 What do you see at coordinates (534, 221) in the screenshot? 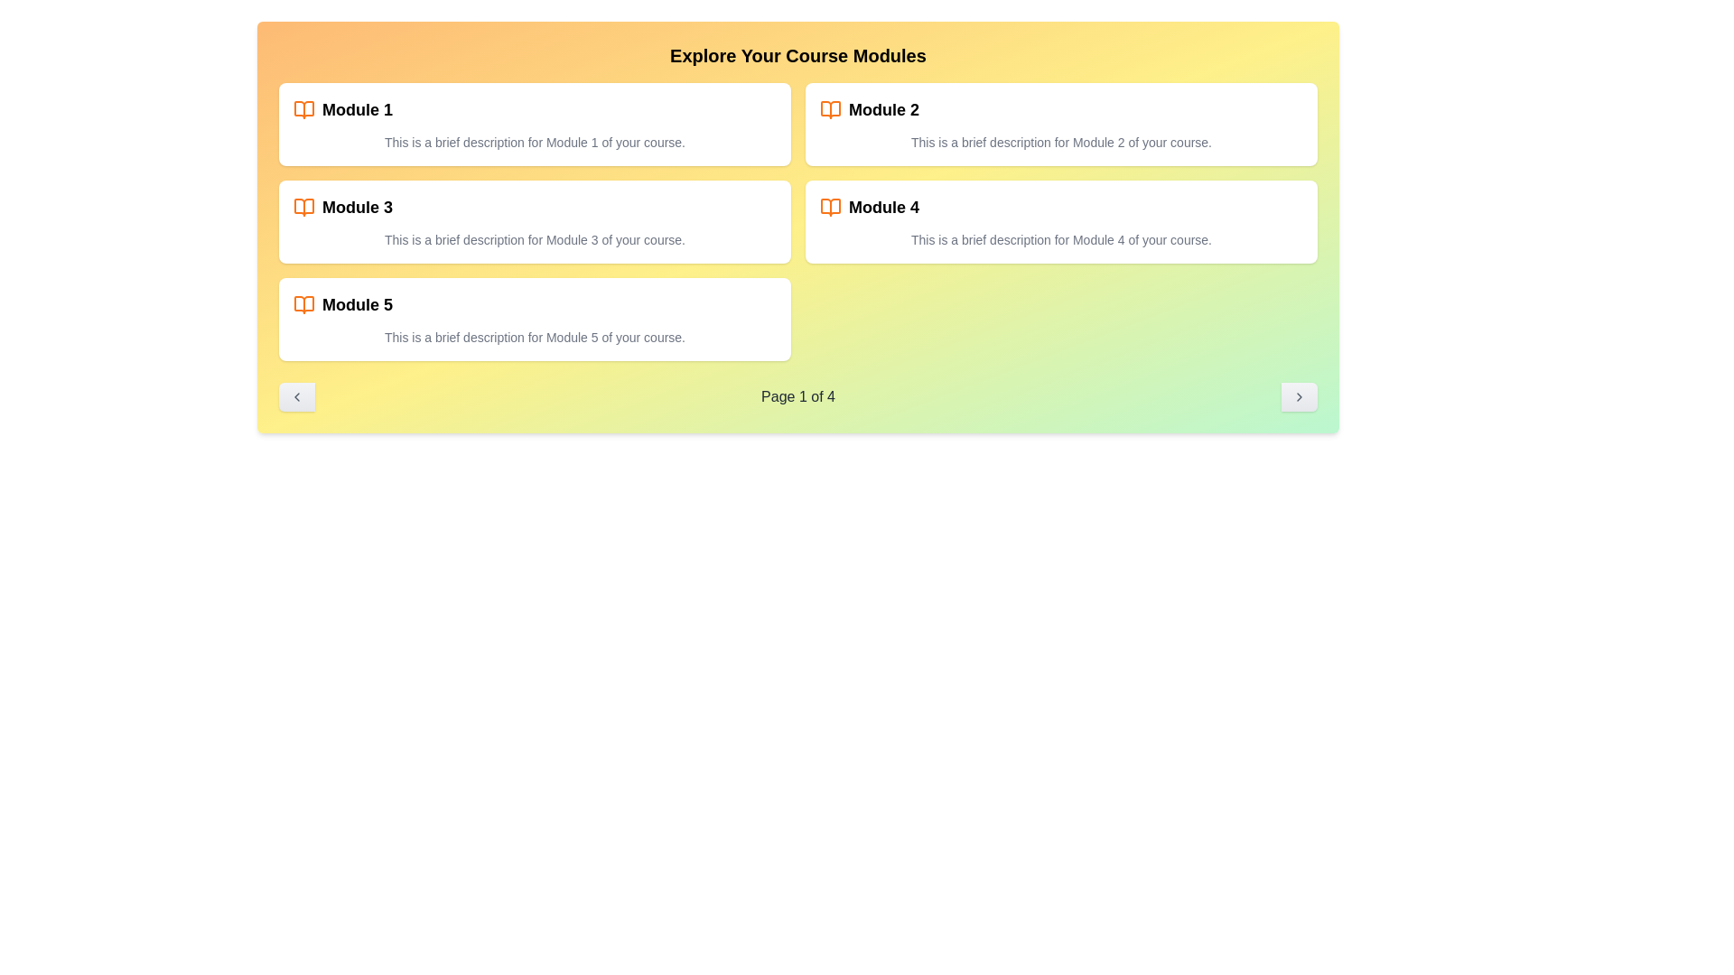
I see `the card titled 'Module 3' which has a white background and rounded corners, located in the second row and first column of the grid layout` at bounding box center [534, 221].